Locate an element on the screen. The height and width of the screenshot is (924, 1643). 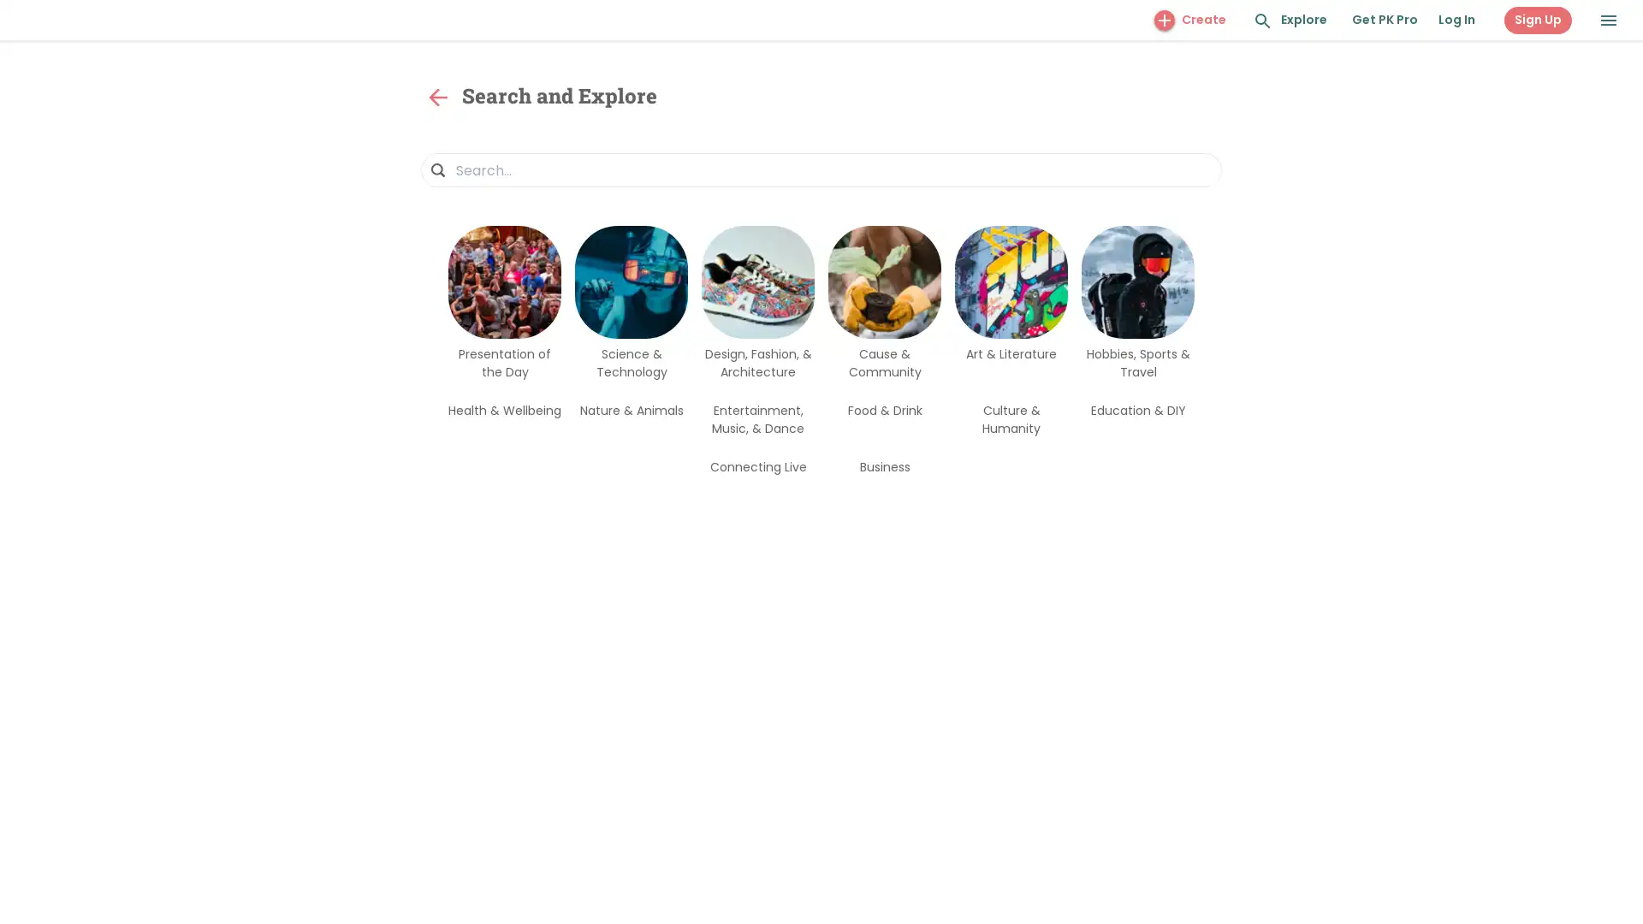
Search and Explore is located at coordinates (1263, 21).